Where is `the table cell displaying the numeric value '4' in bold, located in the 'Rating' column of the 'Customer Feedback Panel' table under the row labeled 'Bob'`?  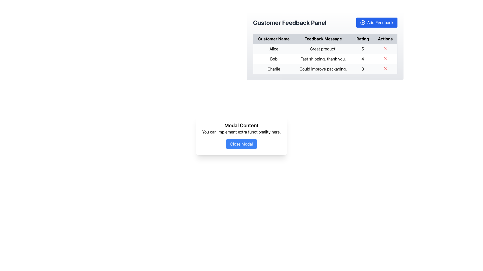 the table cell displaying the numeric value '4' in bold, located in the 'Rating' column of the 'Customer Feedback Panel' table under the row labeled 'Bob' is located at coordinates (363, 59).